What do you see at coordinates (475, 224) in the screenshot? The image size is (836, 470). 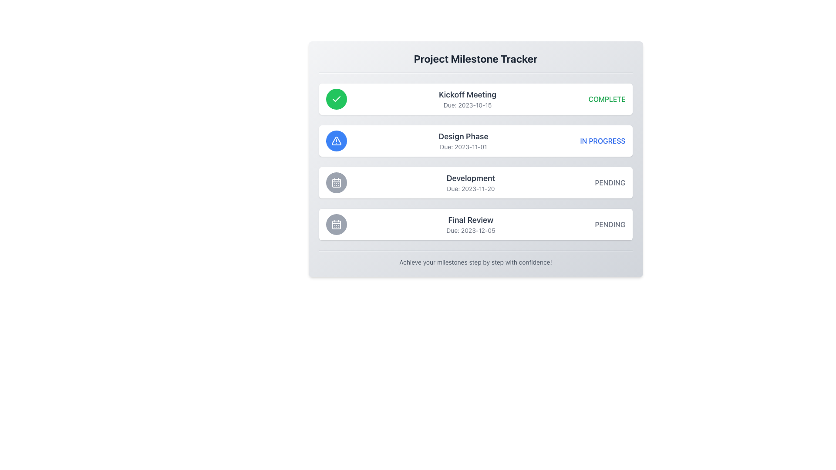 I see `the card element that contains a circular gray calendar icon on the left, the text 'Final Review' in bold at the center, and a 'PENDING' status indicator on the right` at bounding box center [475, 224].